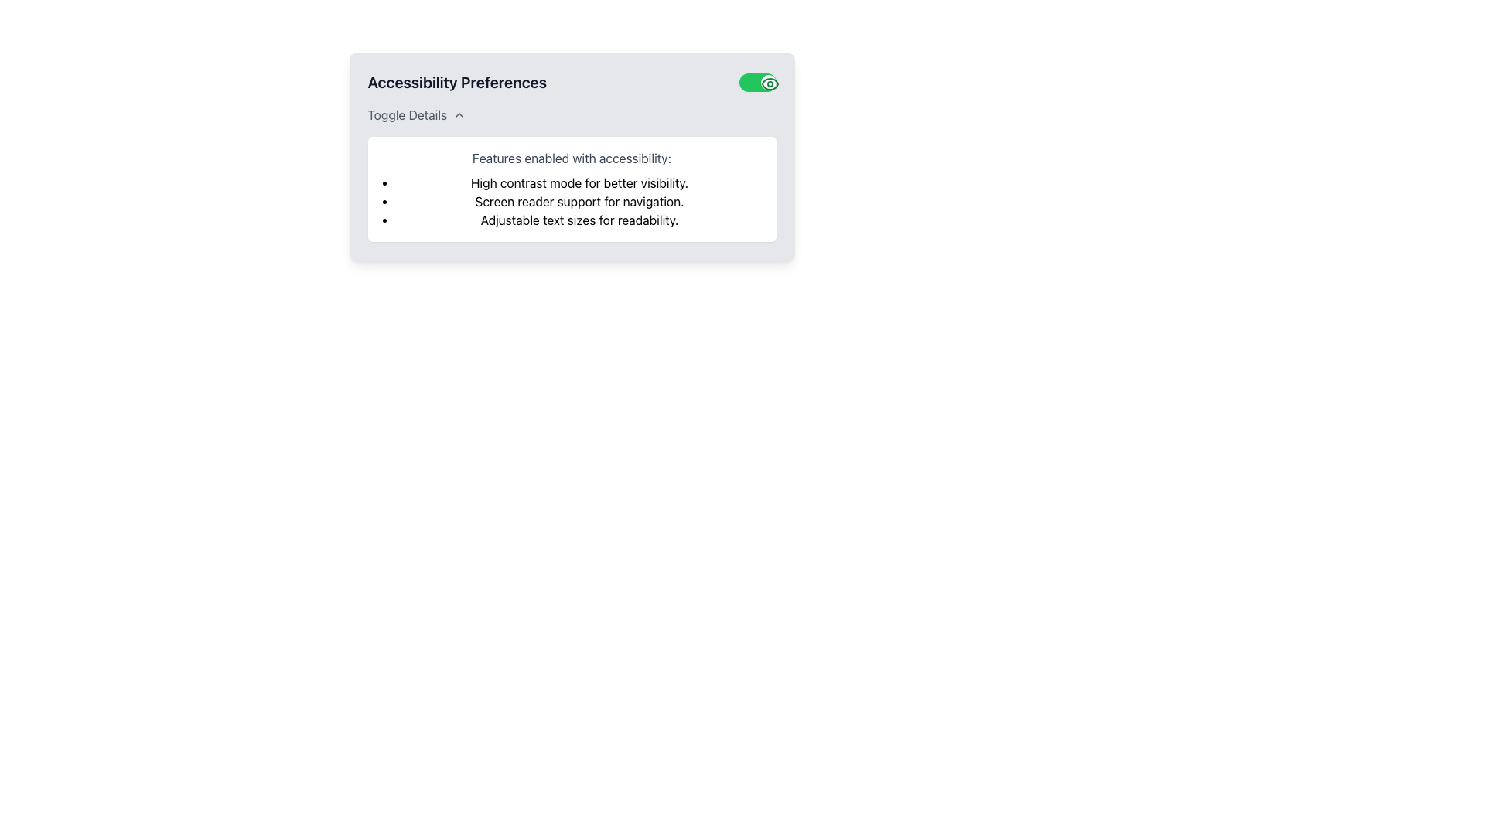 The height and width of the screenshot is (835, 1485). I want to click on upward-pointing arrow icon located next to the 'Toggle Details' text in the Accessibility Preferences interface visually, so click(459, 114).